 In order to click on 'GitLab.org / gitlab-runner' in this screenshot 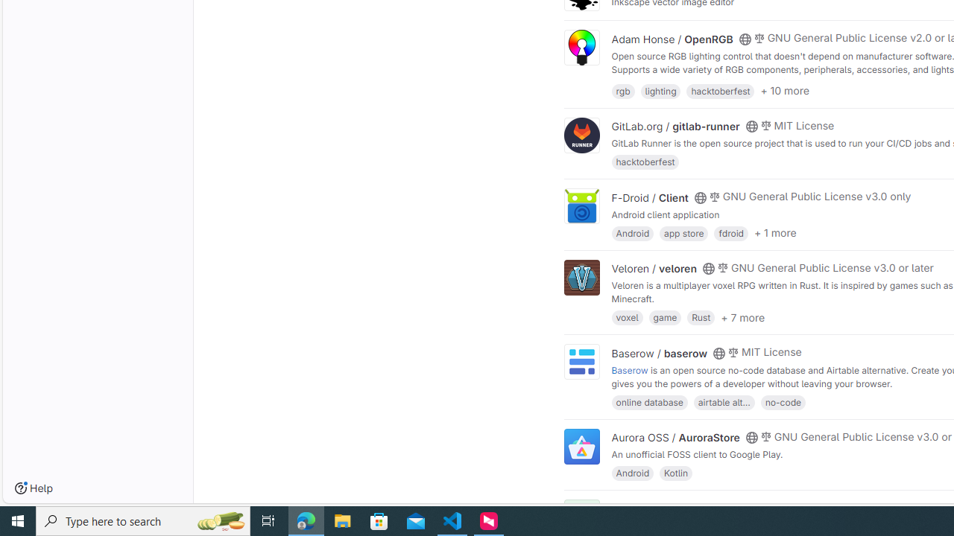, I will do `click(675, 126)`.